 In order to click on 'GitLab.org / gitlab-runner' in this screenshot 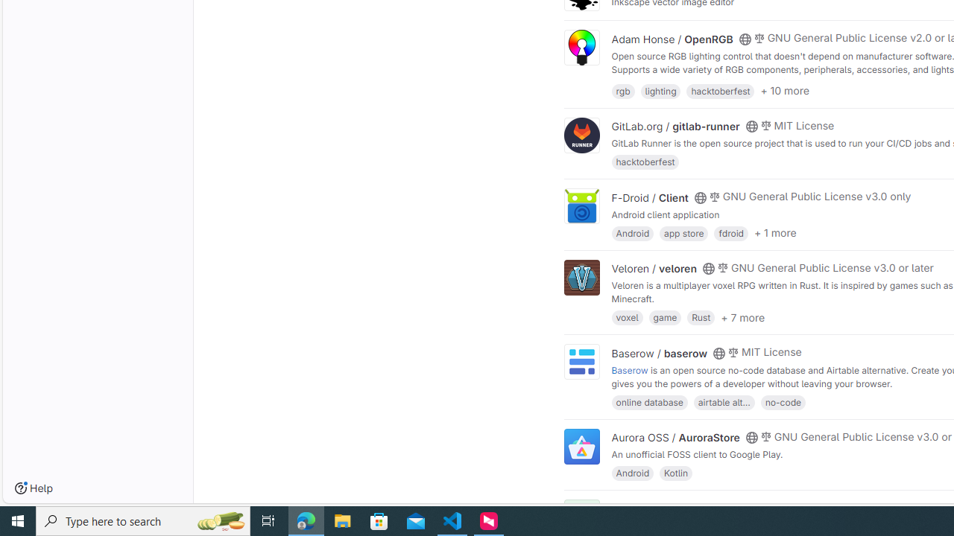, I will do `click(675, 126)`.